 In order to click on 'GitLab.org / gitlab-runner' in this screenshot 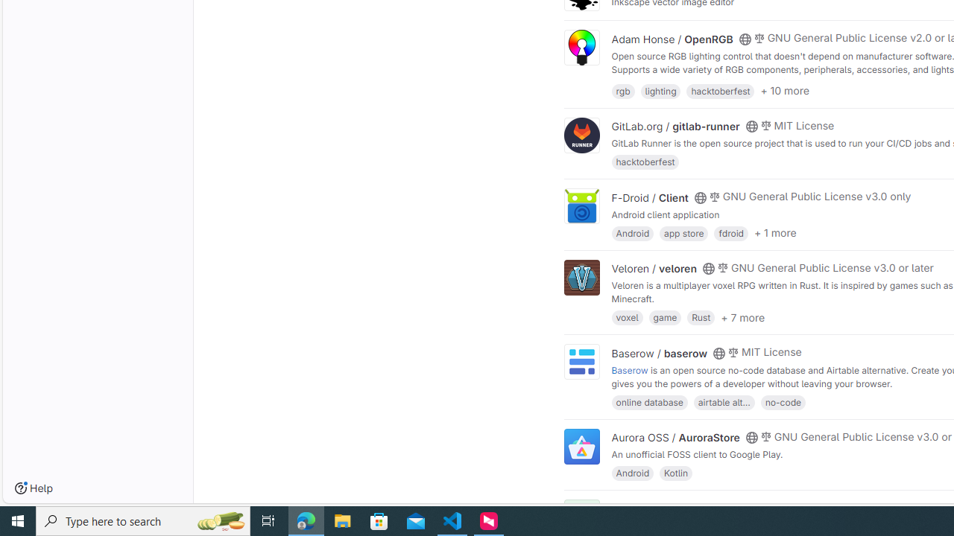, I will do `click(675, 126)`.